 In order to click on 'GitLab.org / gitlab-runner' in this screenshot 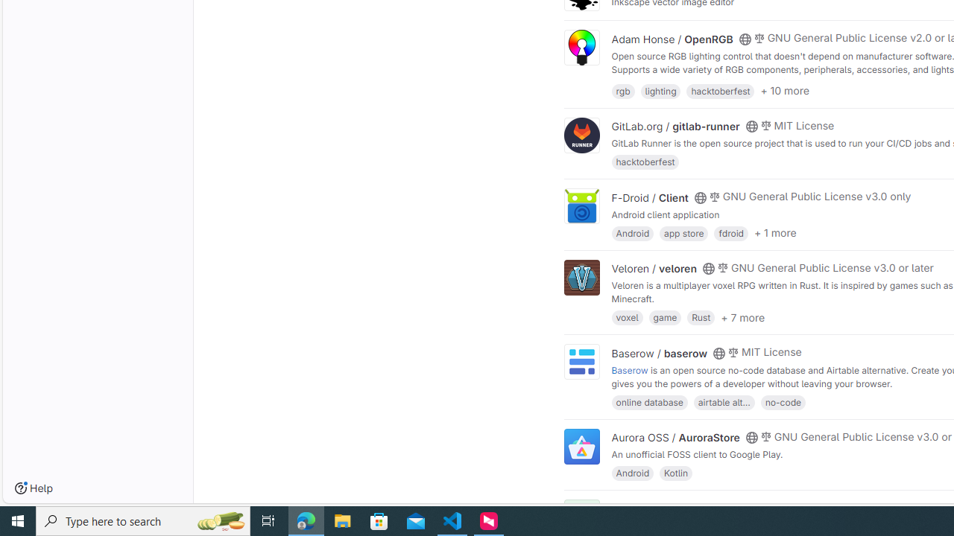, I will do `click(675, 126)`.